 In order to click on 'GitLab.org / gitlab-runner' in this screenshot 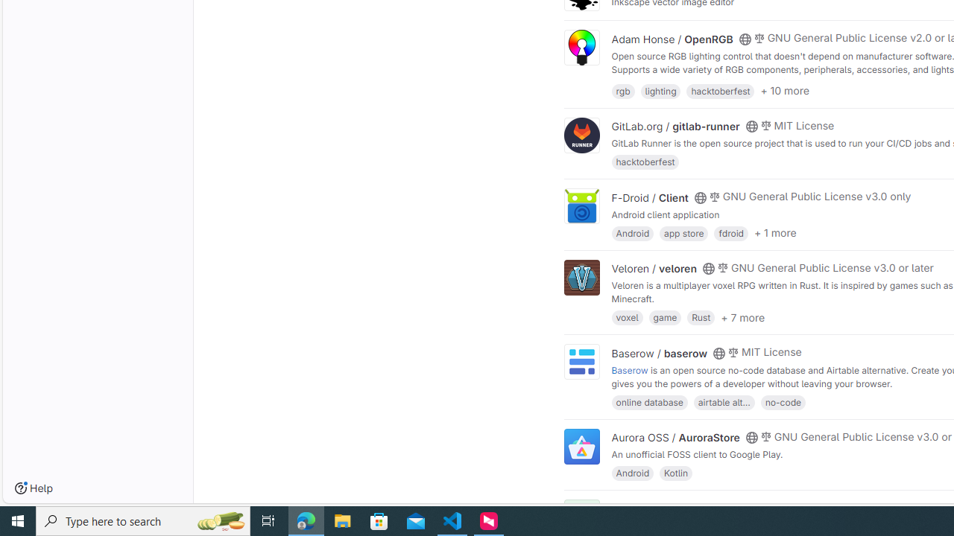, I will do `click(675, 126)`.